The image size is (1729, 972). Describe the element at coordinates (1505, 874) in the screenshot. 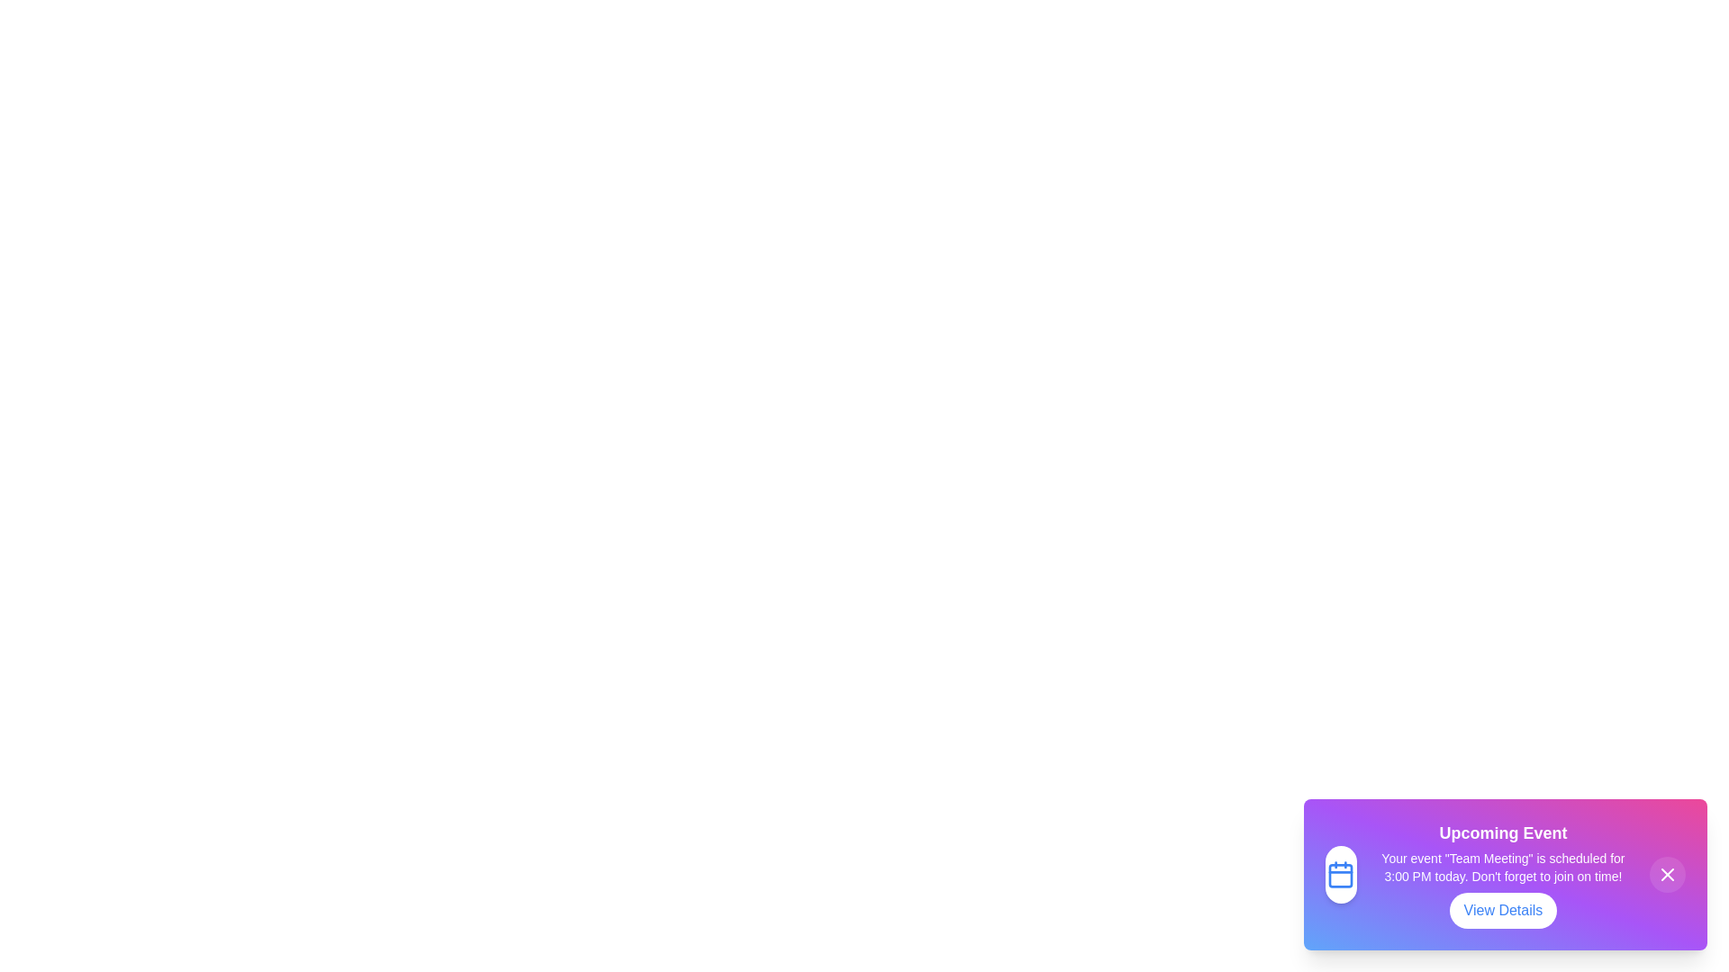

I see `the notification component to focus on it` at that location.